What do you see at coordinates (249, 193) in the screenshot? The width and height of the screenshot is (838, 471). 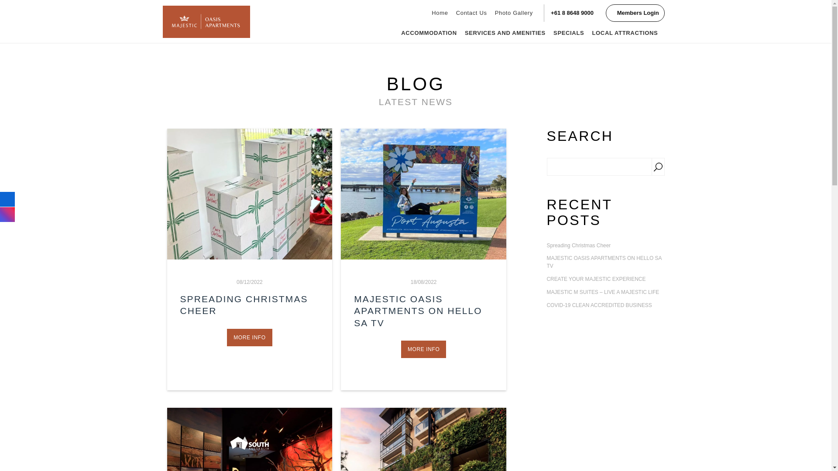 I see `' '` at bounding box center [249, 193].